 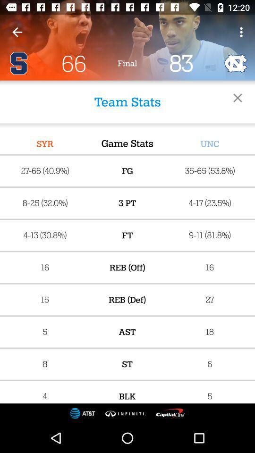 What do you see at coordinates (237, 98) in the screenshot?
I see `the close icon` at bounding box center [237, 98].